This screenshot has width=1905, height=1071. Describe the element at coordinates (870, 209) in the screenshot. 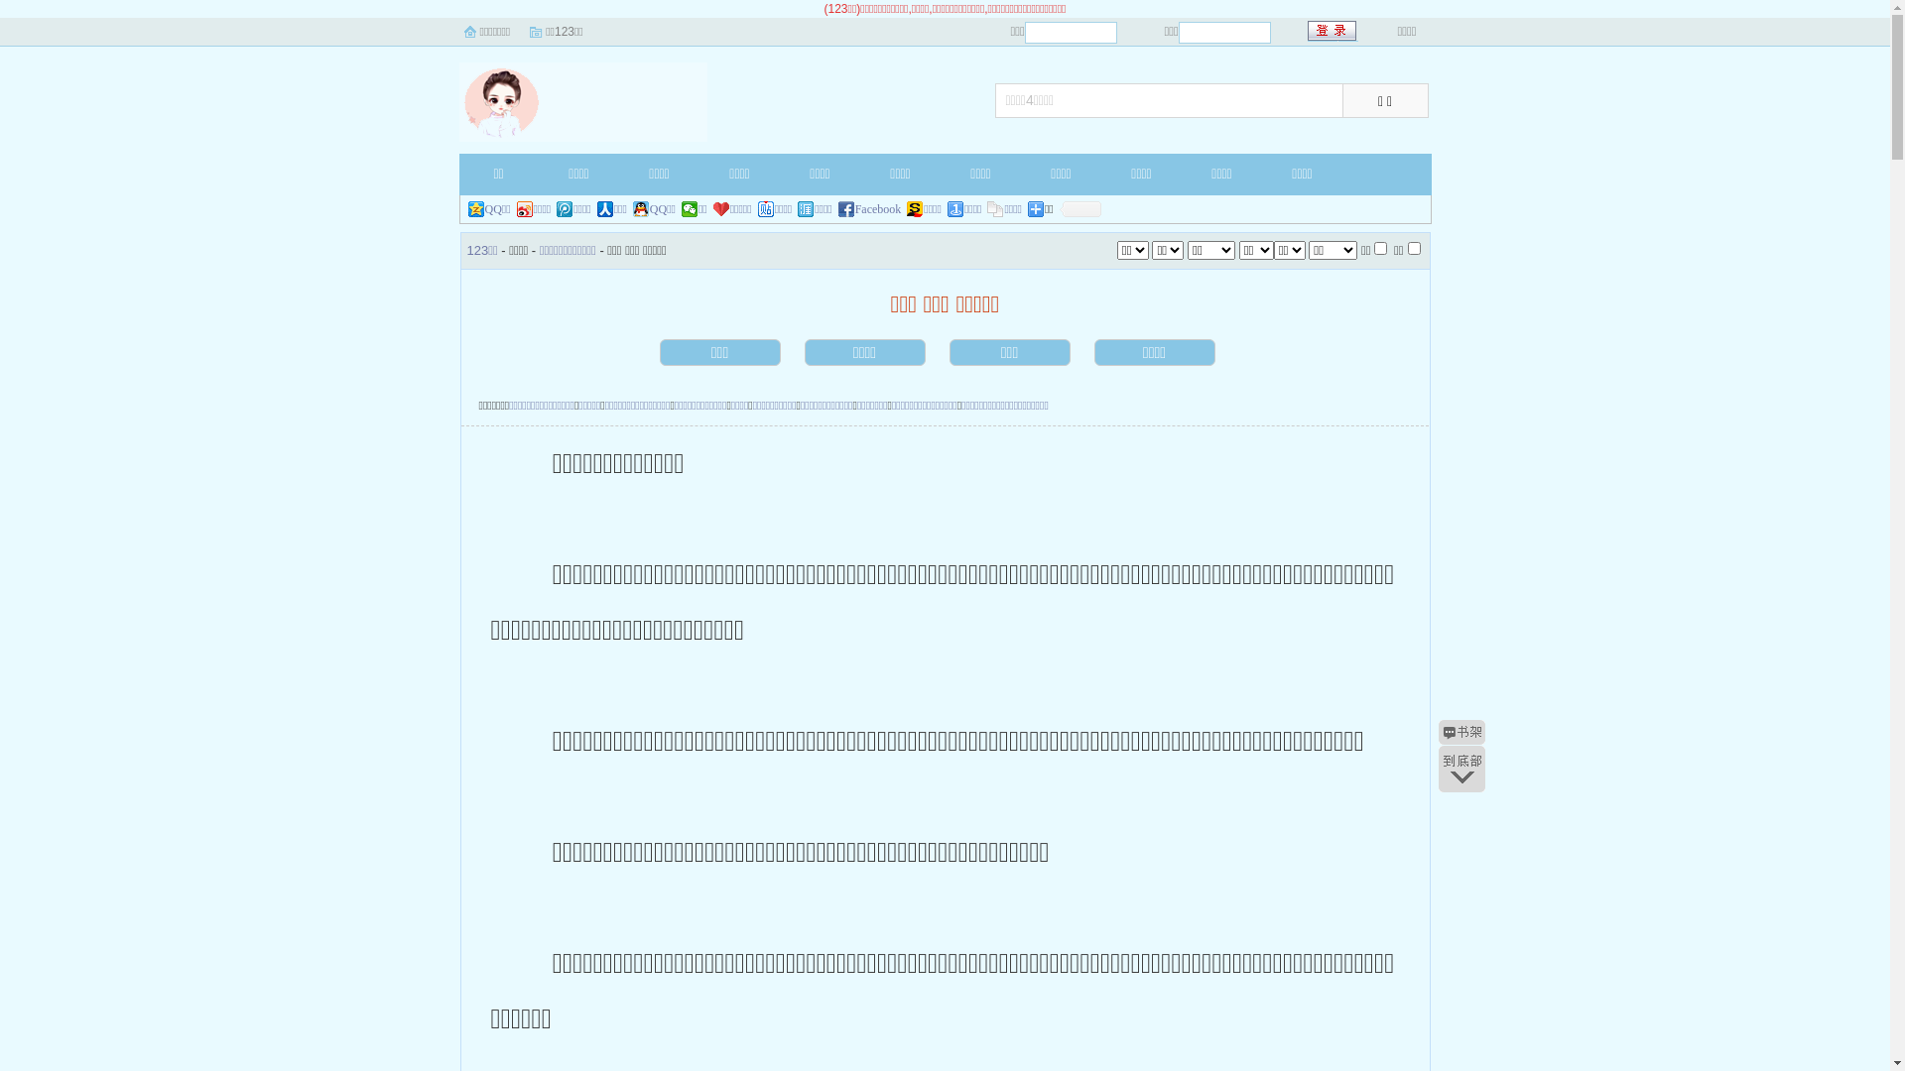

I see `'Facebook'` at that location.